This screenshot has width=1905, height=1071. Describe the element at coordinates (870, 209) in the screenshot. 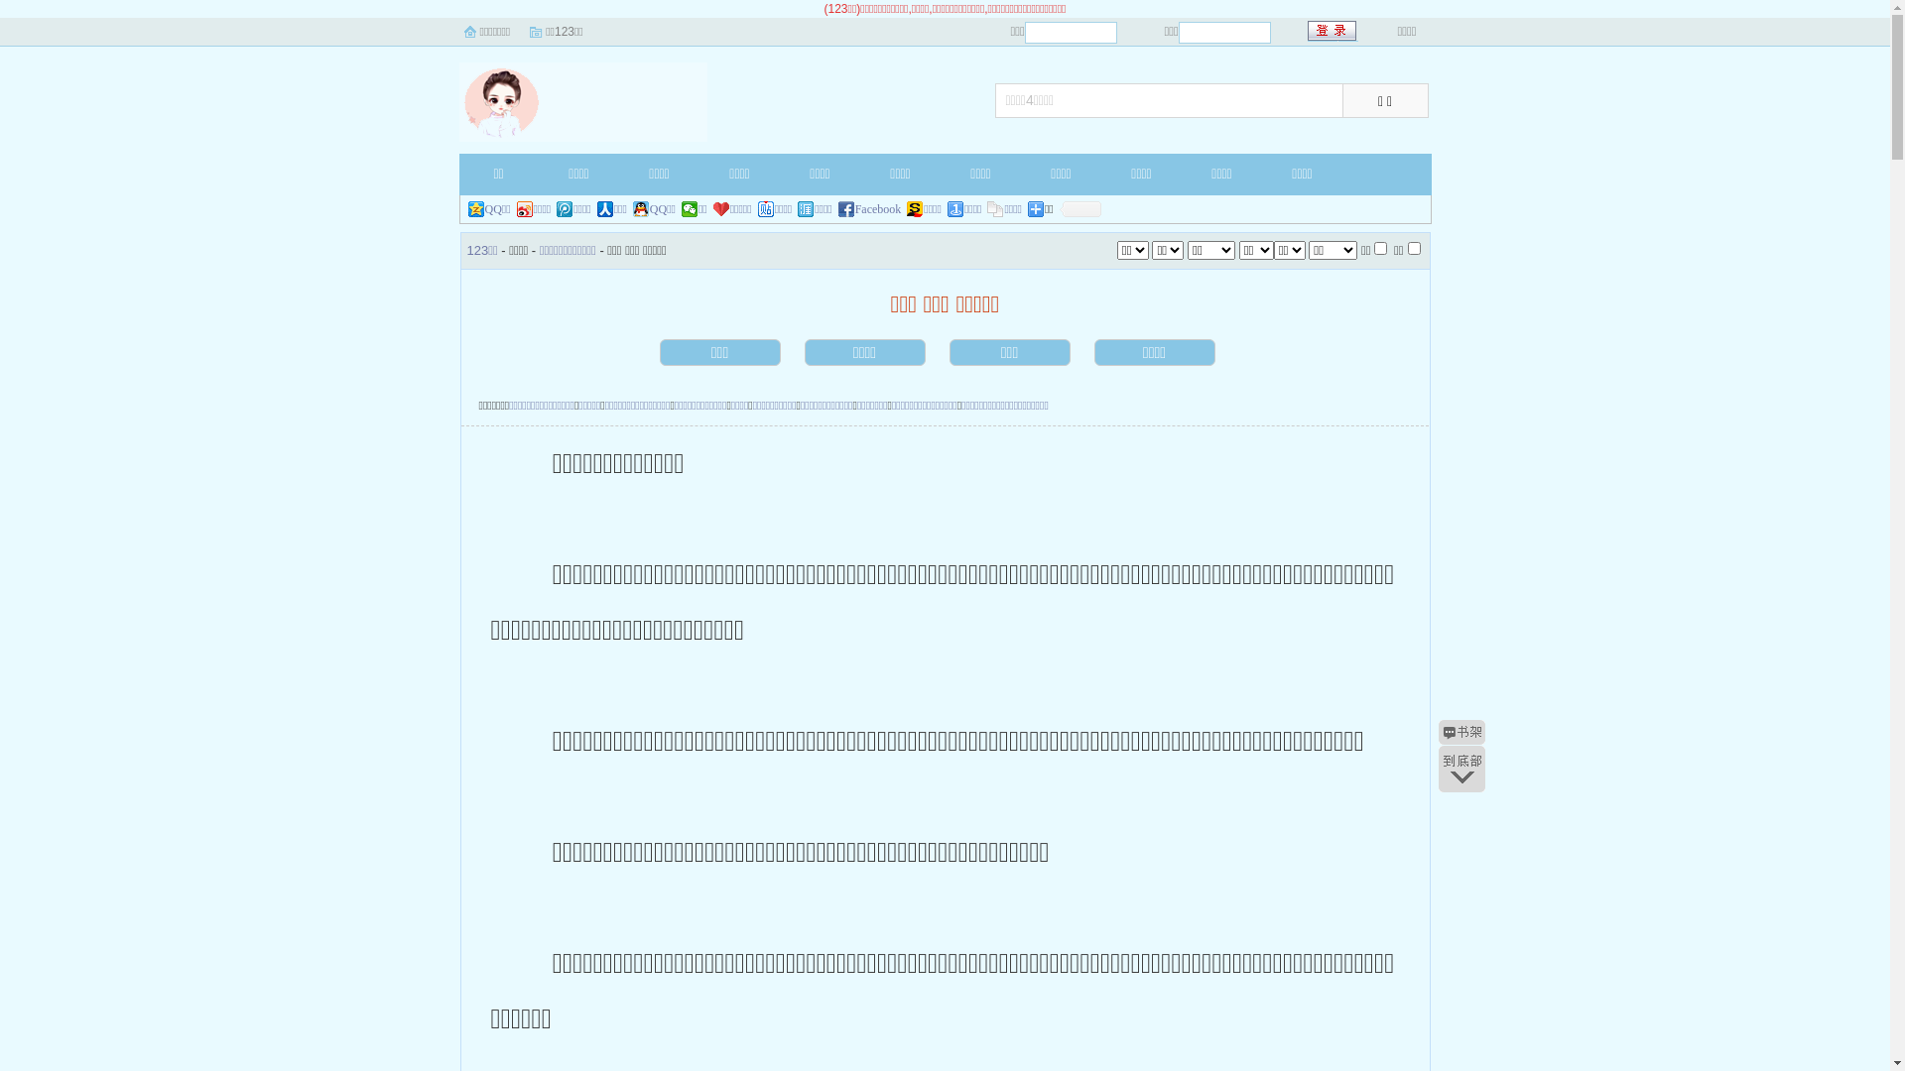

I see `'Facebook'` at that location.